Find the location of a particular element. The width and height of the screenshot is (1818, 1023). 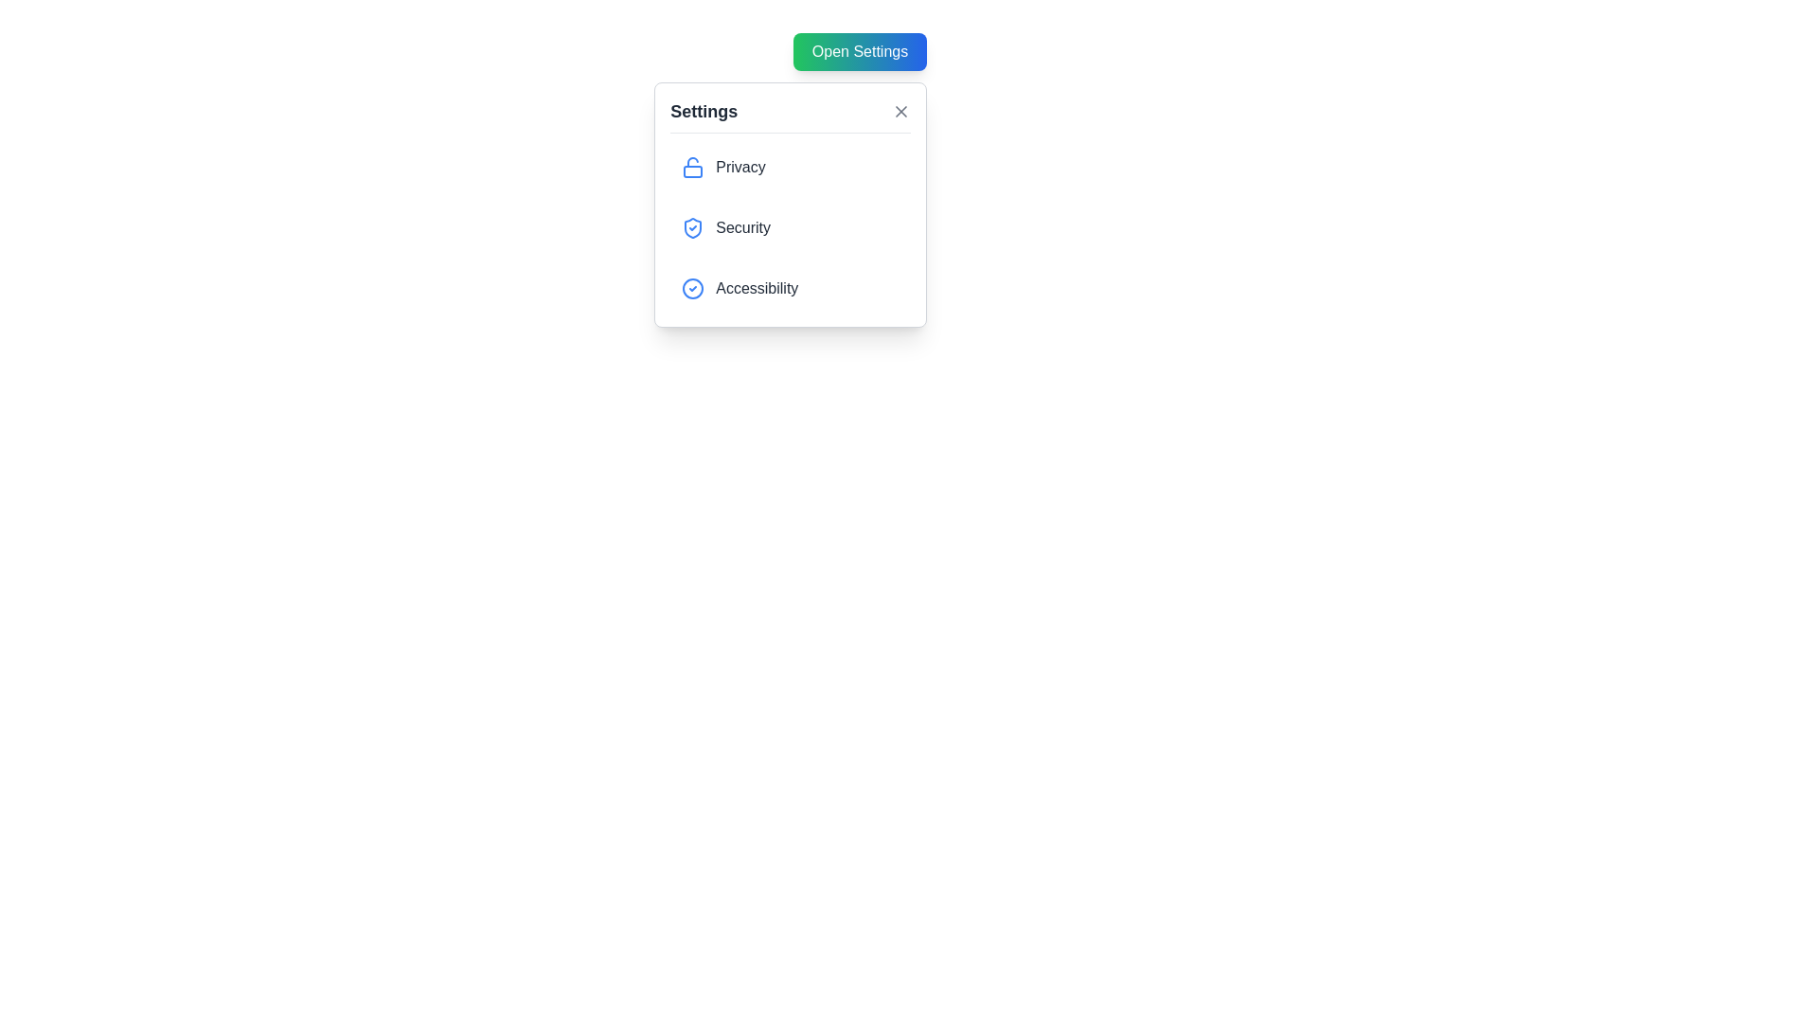

to select the 'Accessibility' menu option, which is the third item in the vertical list of settings options, following 'Privacy' and 'Security' is located at coordinates (791, 288).